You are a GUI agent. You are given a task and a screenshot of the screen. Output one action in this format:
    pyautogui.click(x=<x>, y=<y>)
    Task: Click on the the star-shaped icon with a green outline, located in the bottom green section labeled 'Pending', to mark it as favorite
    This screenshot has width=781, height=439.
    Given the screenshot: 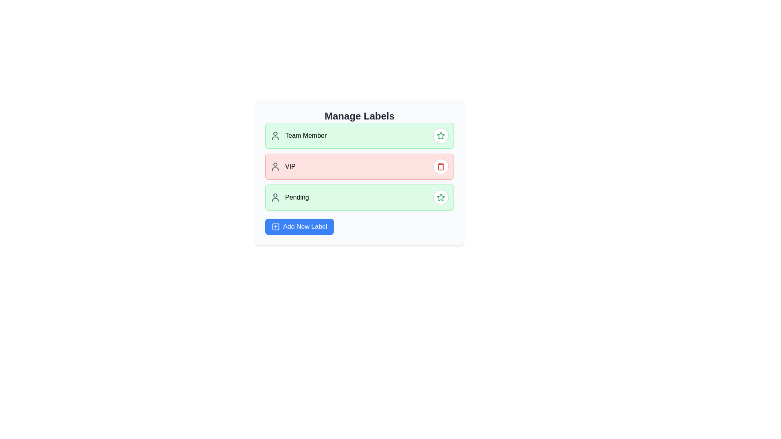 What is the action you would take?
    pyautogui.click(x=441, y=135)
    